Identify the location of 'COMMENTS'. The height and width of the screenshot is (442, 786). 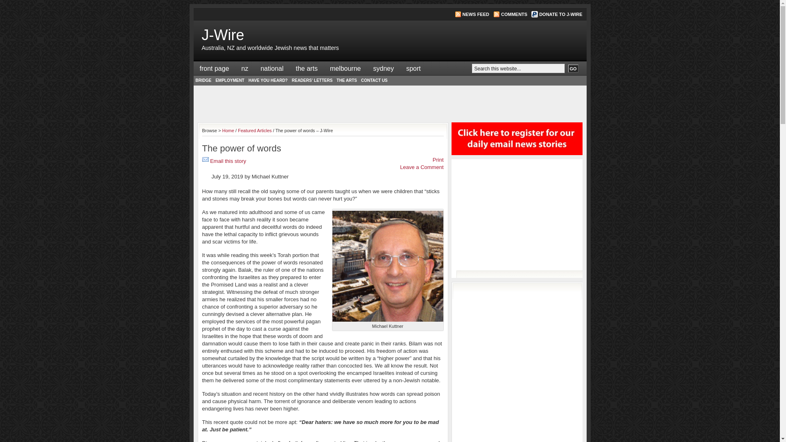
(514, 14).